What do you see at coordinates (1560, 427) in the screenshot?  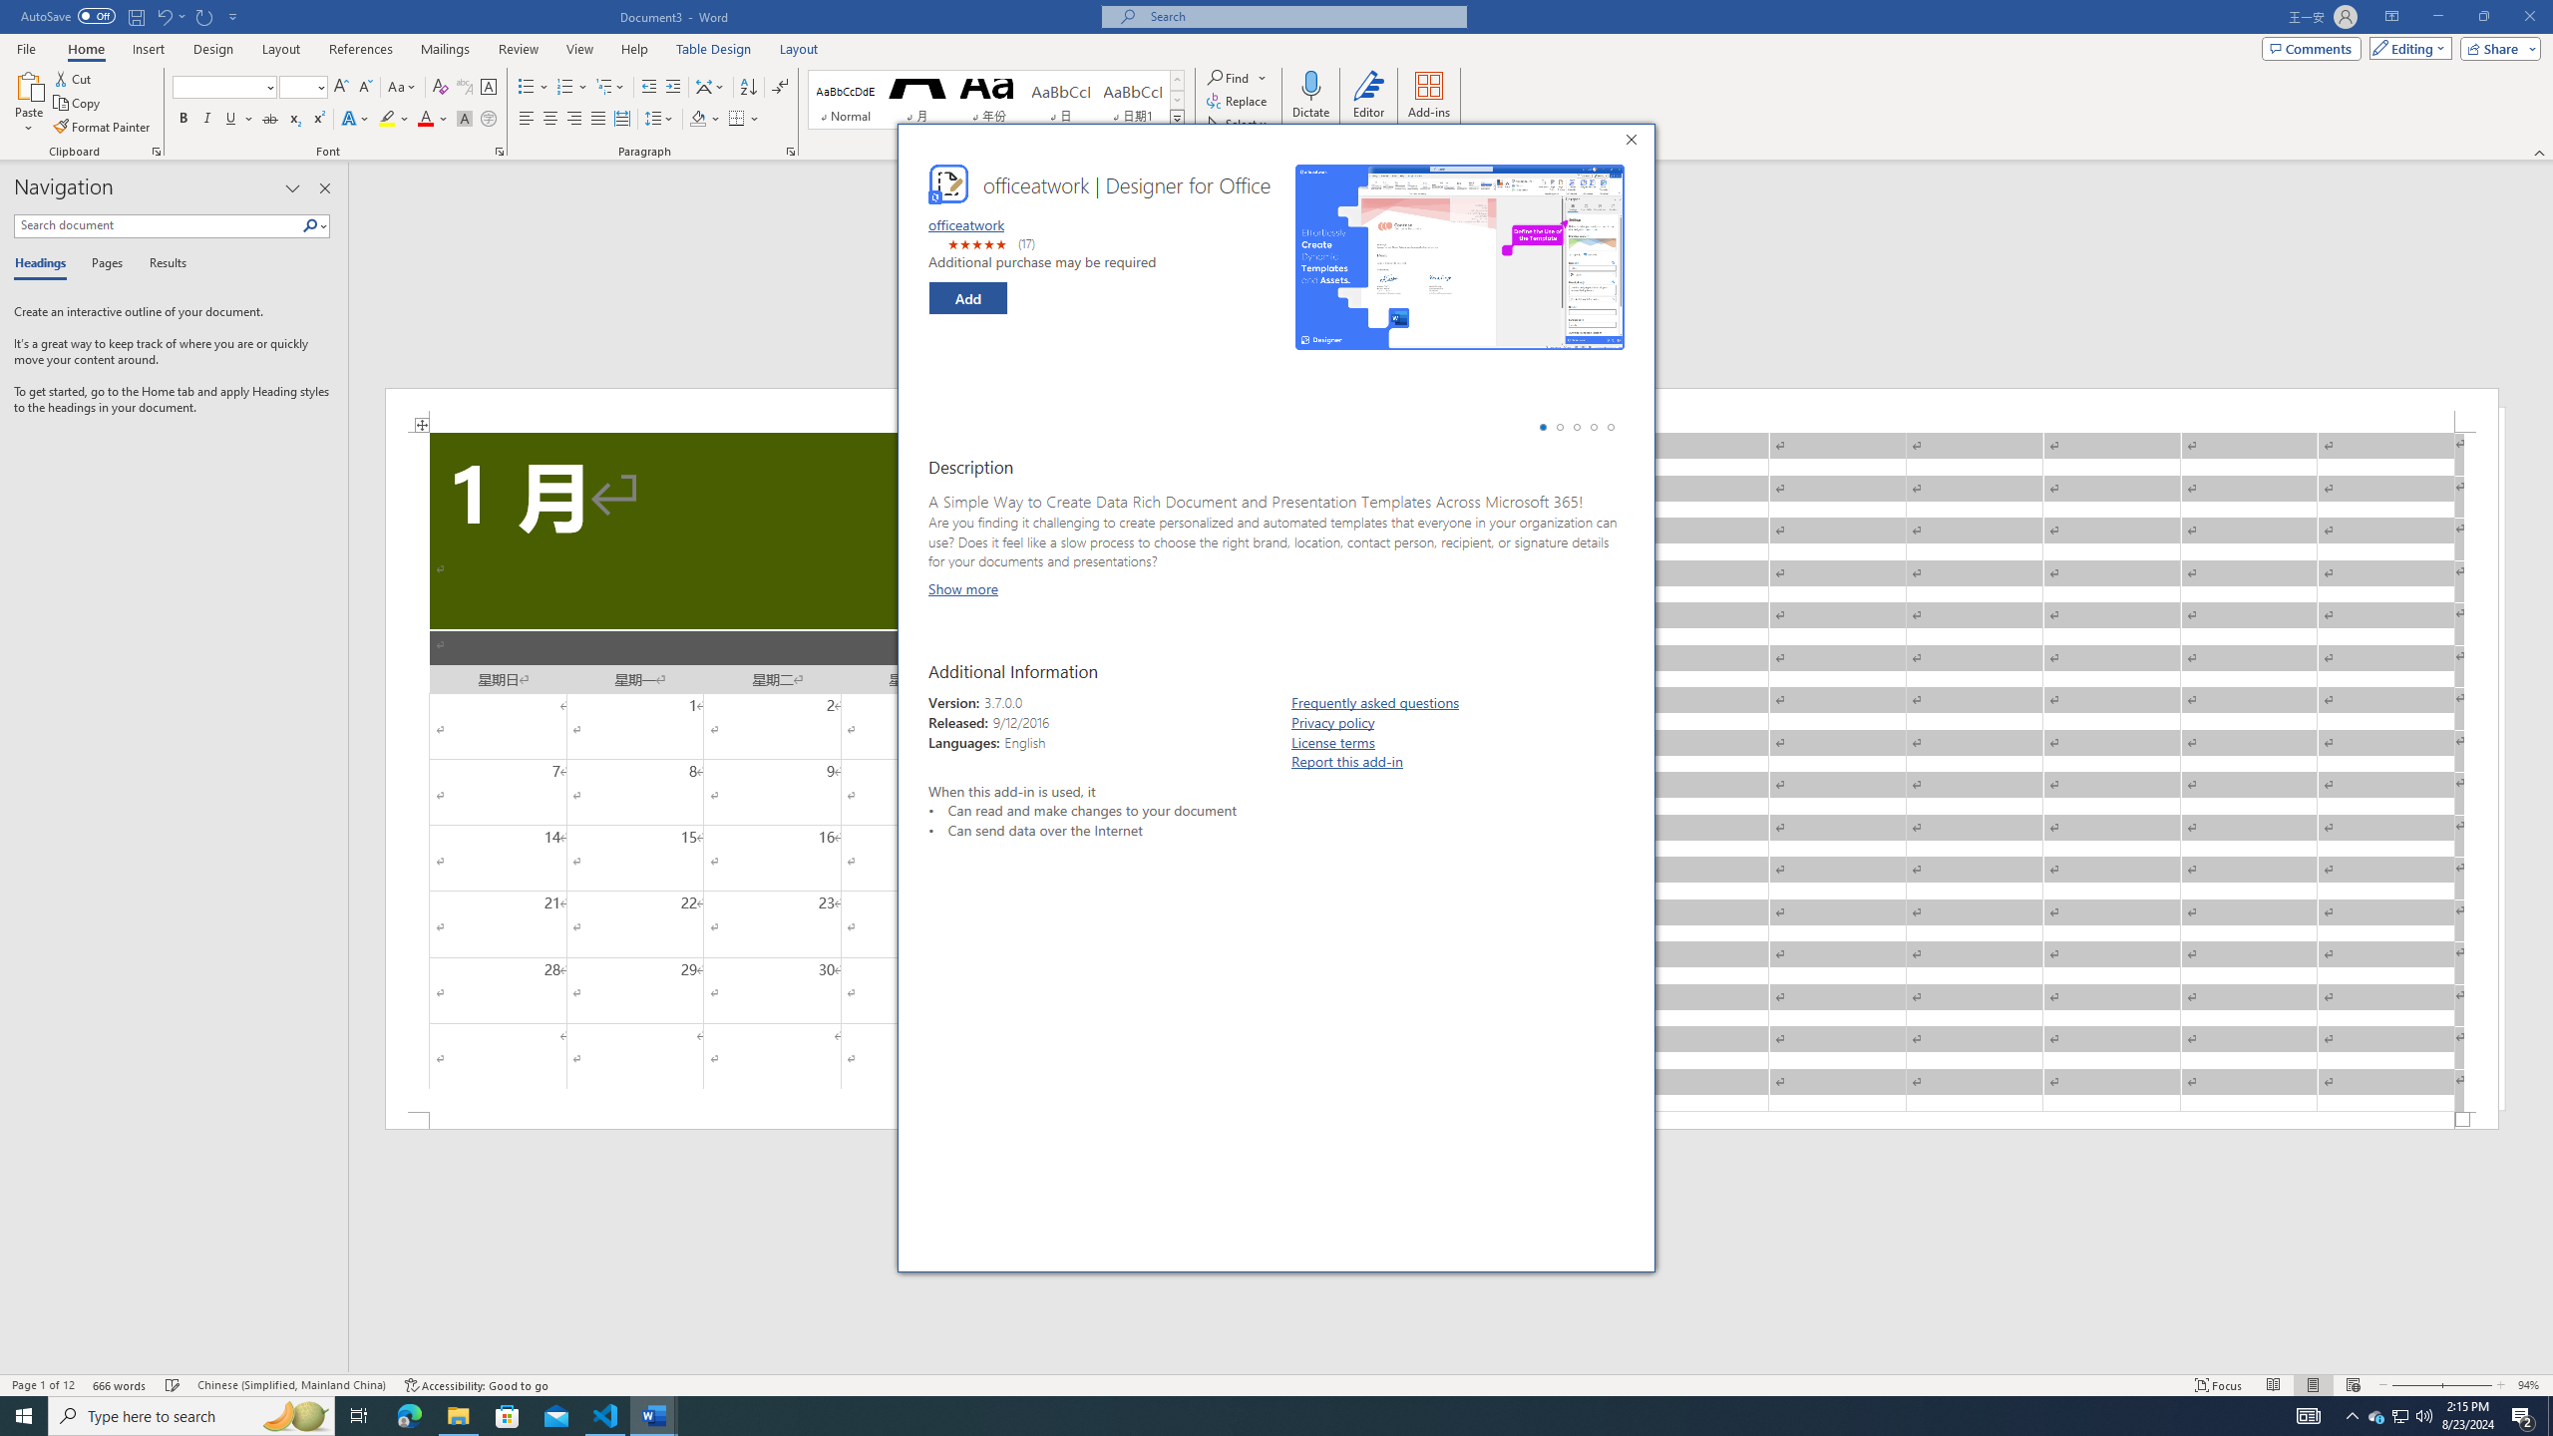 I see `'Go to screenshot 2'` at bounding box center [1560, 427].